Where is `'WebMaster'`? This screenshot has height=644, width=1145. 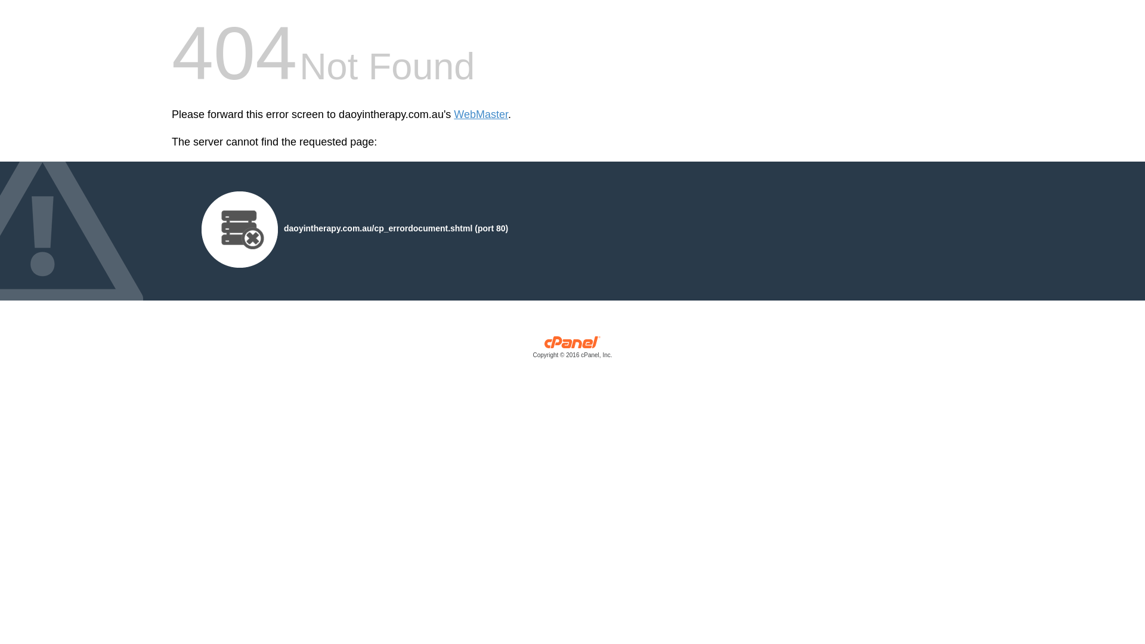
'WebMaster' is located at coordinates (481, 114).